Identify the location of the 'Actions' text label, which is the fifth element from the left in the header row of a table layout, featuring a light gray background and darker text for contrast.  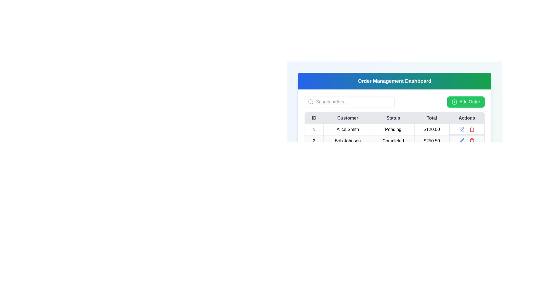
(467, 118).